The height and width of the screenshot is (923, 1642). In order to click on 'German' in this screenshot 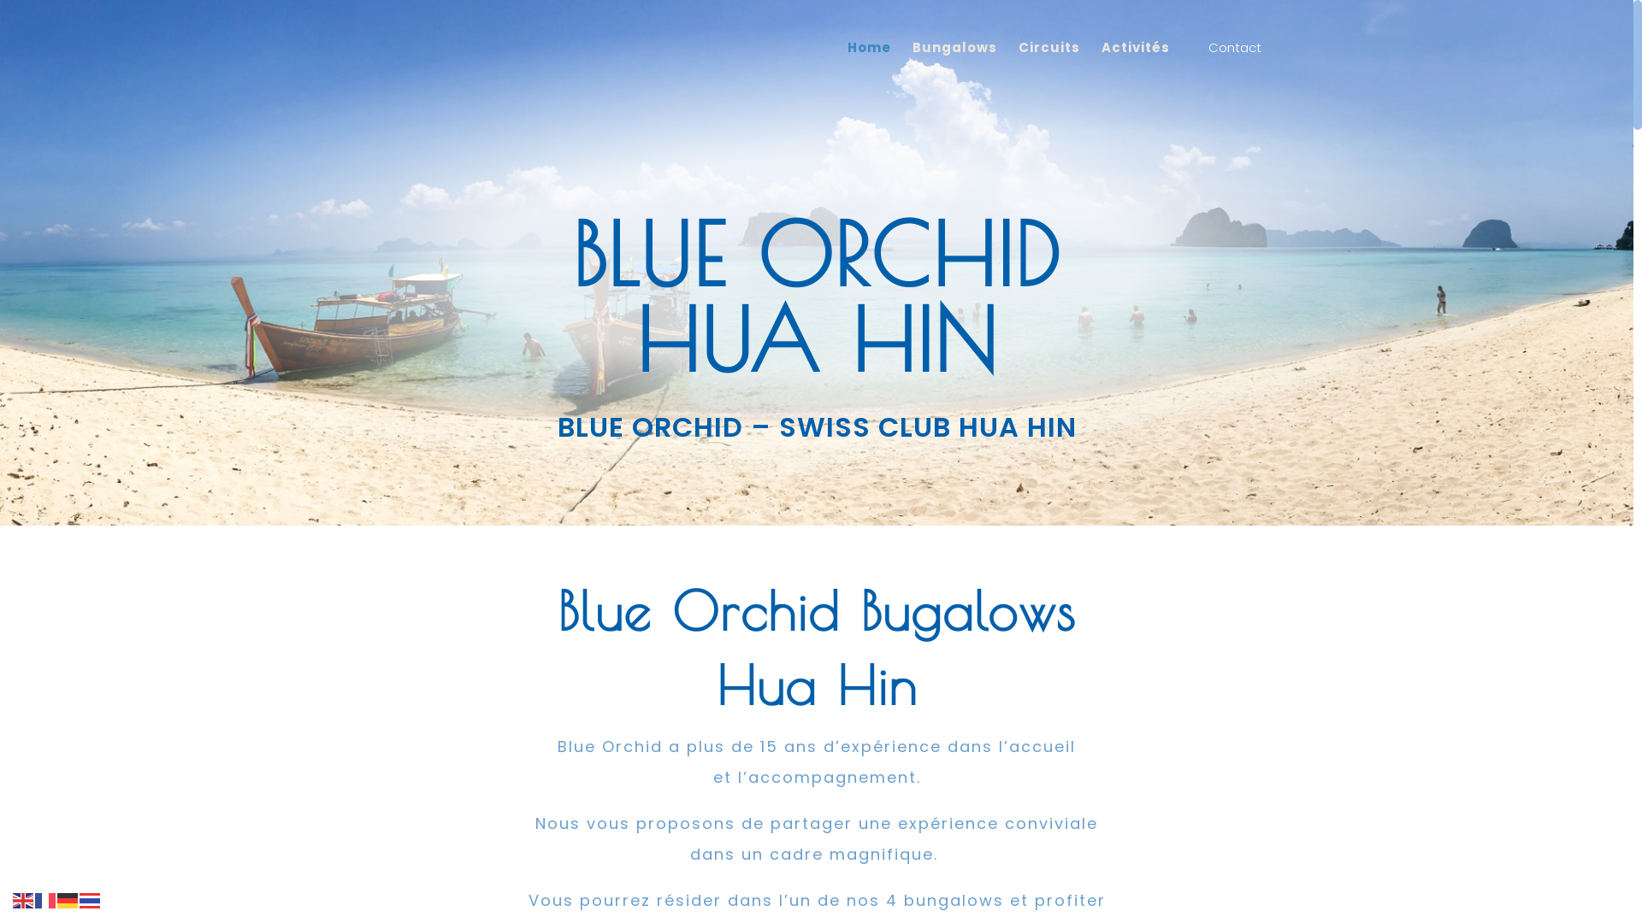, I will do `click(68, 898)`.